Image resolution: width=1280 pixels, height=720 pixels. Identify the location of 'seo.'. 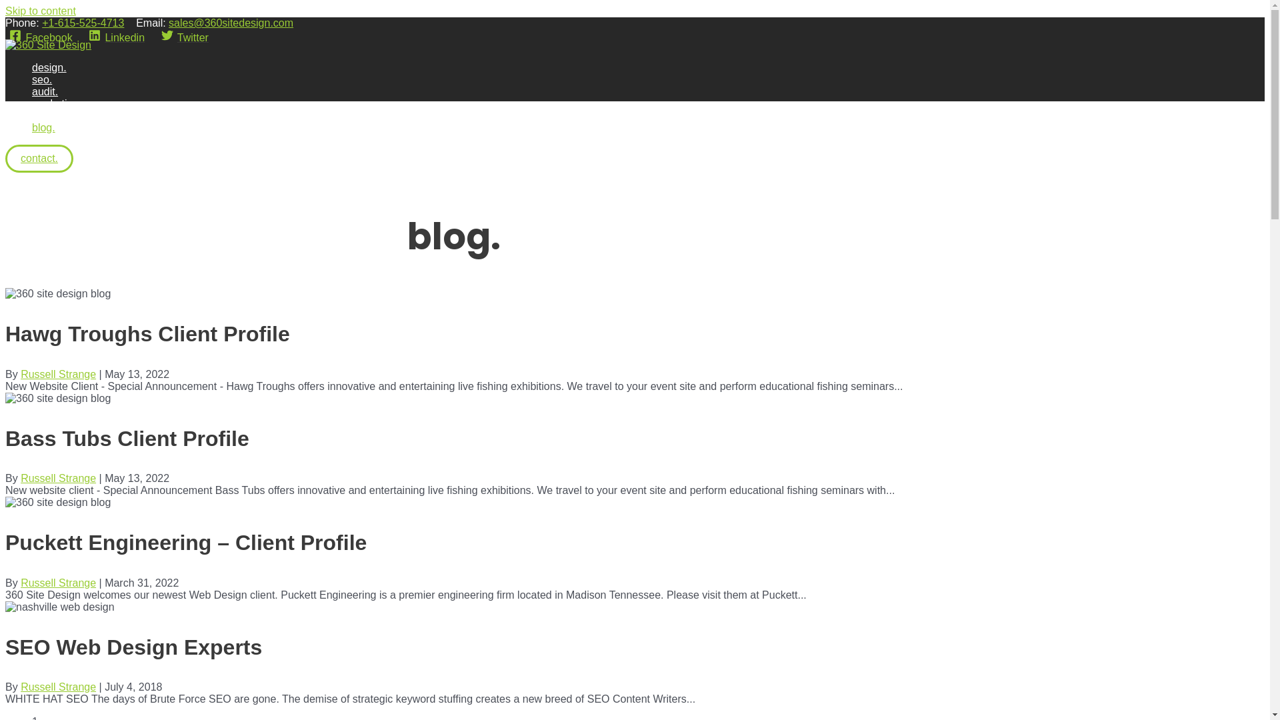
(57, 79).